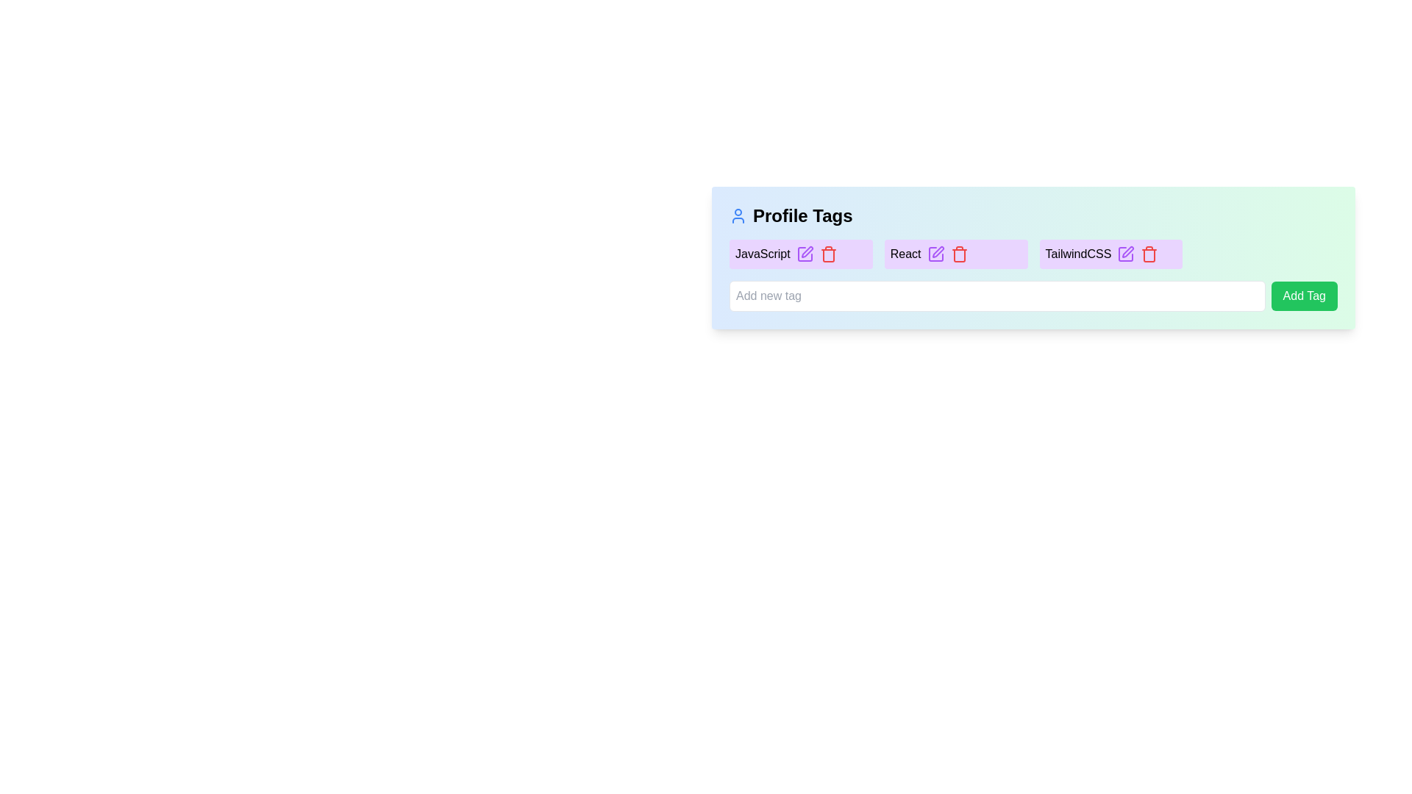  Describe the element at coordinates (935, 254) in the screenshot. I see `the edit icon located next to the 'React' text in the 'Profile Tags' section to initiate an edit action` at that location.